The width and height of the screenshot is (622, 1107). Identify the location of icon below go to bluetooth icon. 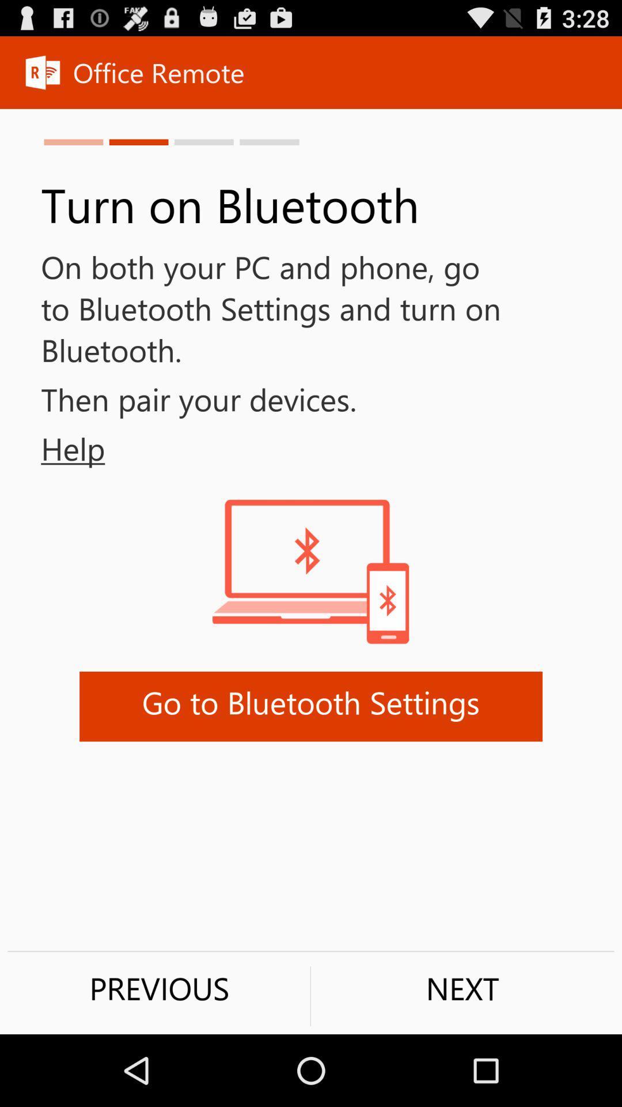
(159, 988).